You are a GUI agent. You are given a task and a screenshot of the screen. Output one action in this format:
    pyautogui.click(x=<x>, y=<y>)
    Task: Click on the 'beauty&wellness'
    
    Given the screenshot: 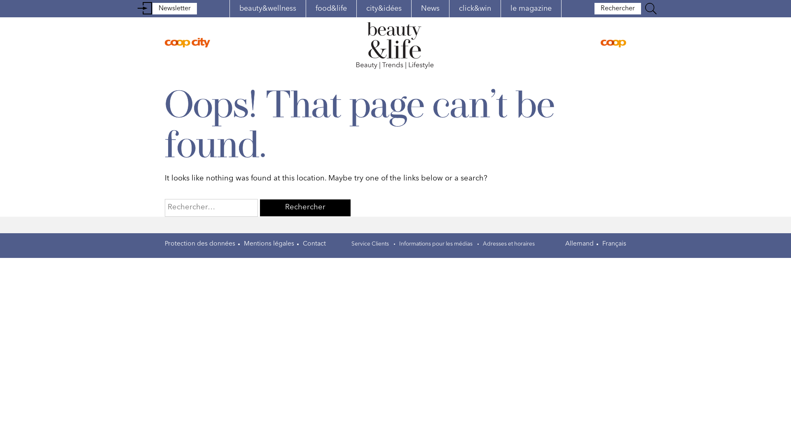 What is the action you would take?
    pyautogui.click(x=267, y=8)
    